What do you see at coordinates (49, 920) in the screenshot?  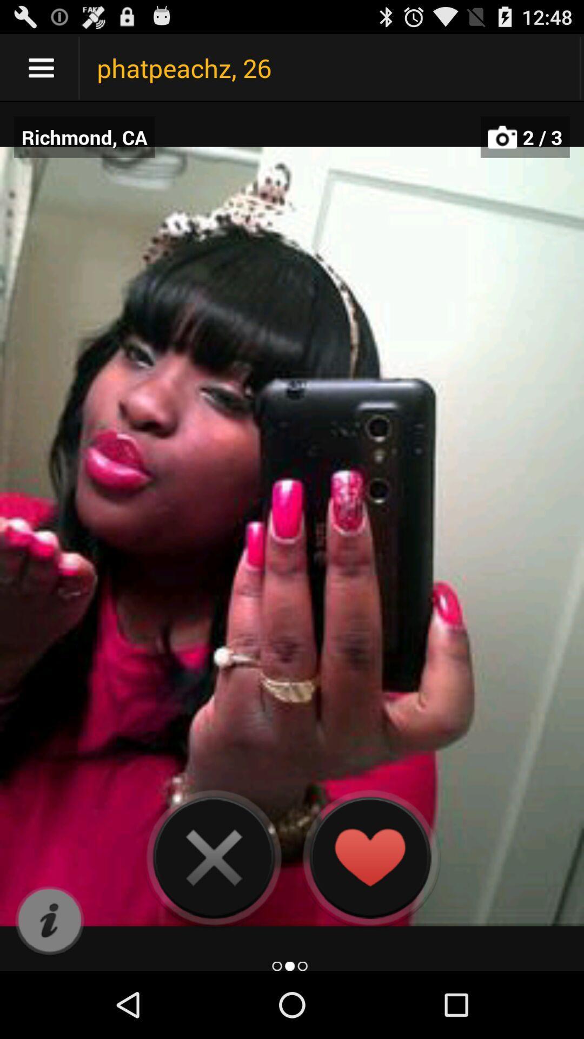 I see `choose more info option` at bounding box center [49, 920].